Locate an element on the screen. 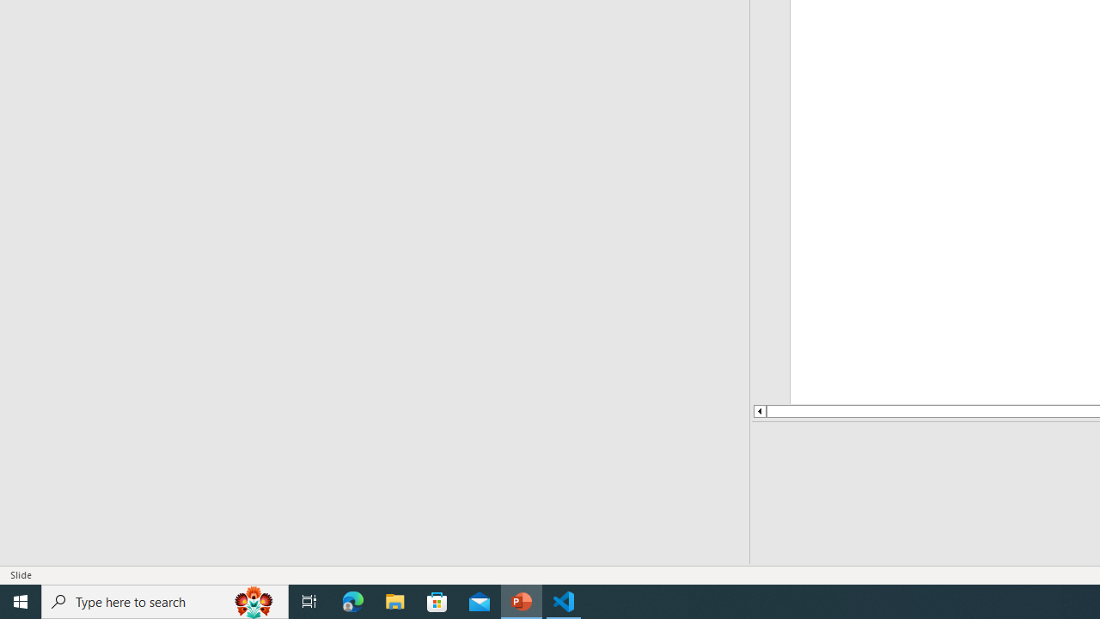 The image size is (1100, 619). 'Start' is located at coordinates (21, 600).